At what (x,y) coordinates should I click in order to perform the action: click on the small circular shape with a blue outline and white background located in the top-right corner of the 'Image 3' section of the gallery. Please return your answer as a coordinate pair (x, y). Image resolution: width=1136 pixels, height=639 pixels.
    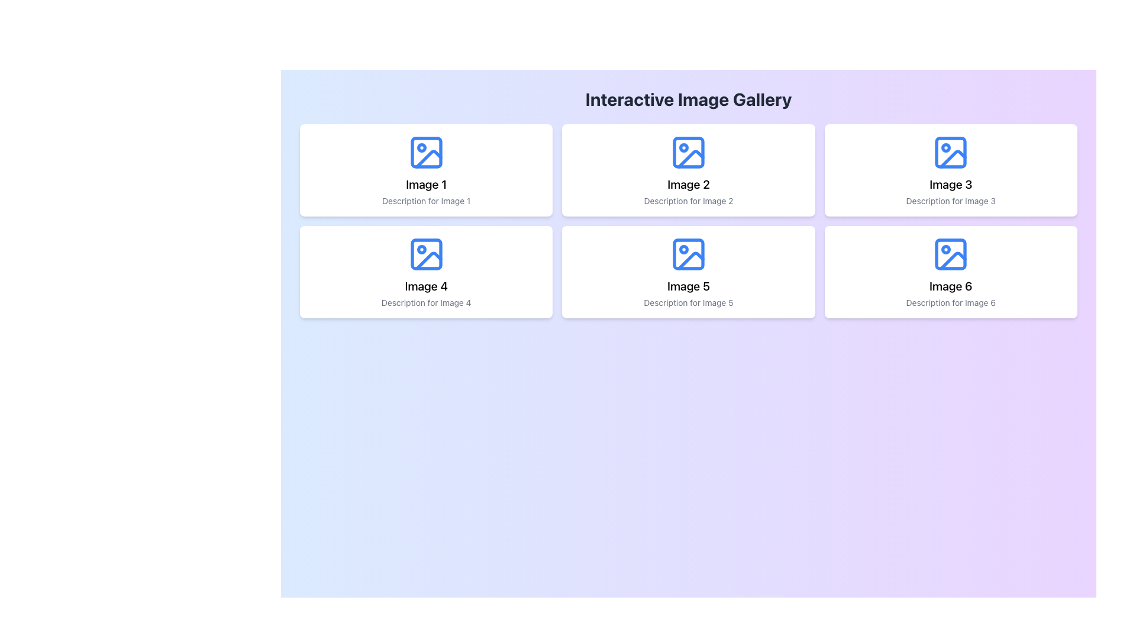
    Looking at the image, I should click on (945, 147).